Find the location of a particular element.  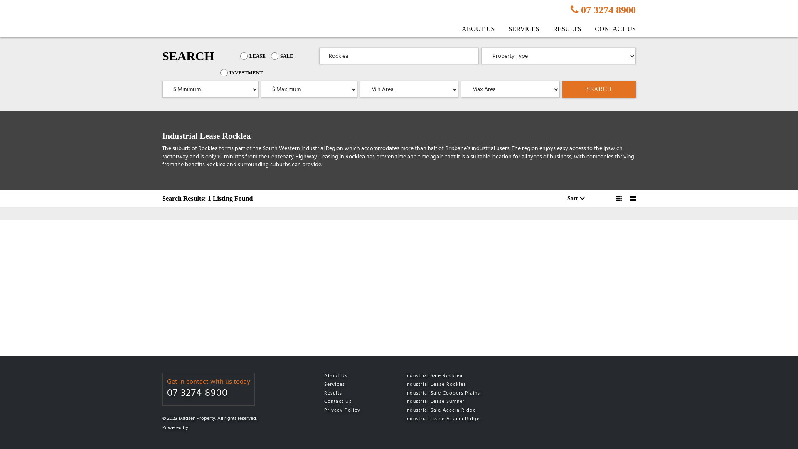

'Results' is located at coordinates (353, 393).